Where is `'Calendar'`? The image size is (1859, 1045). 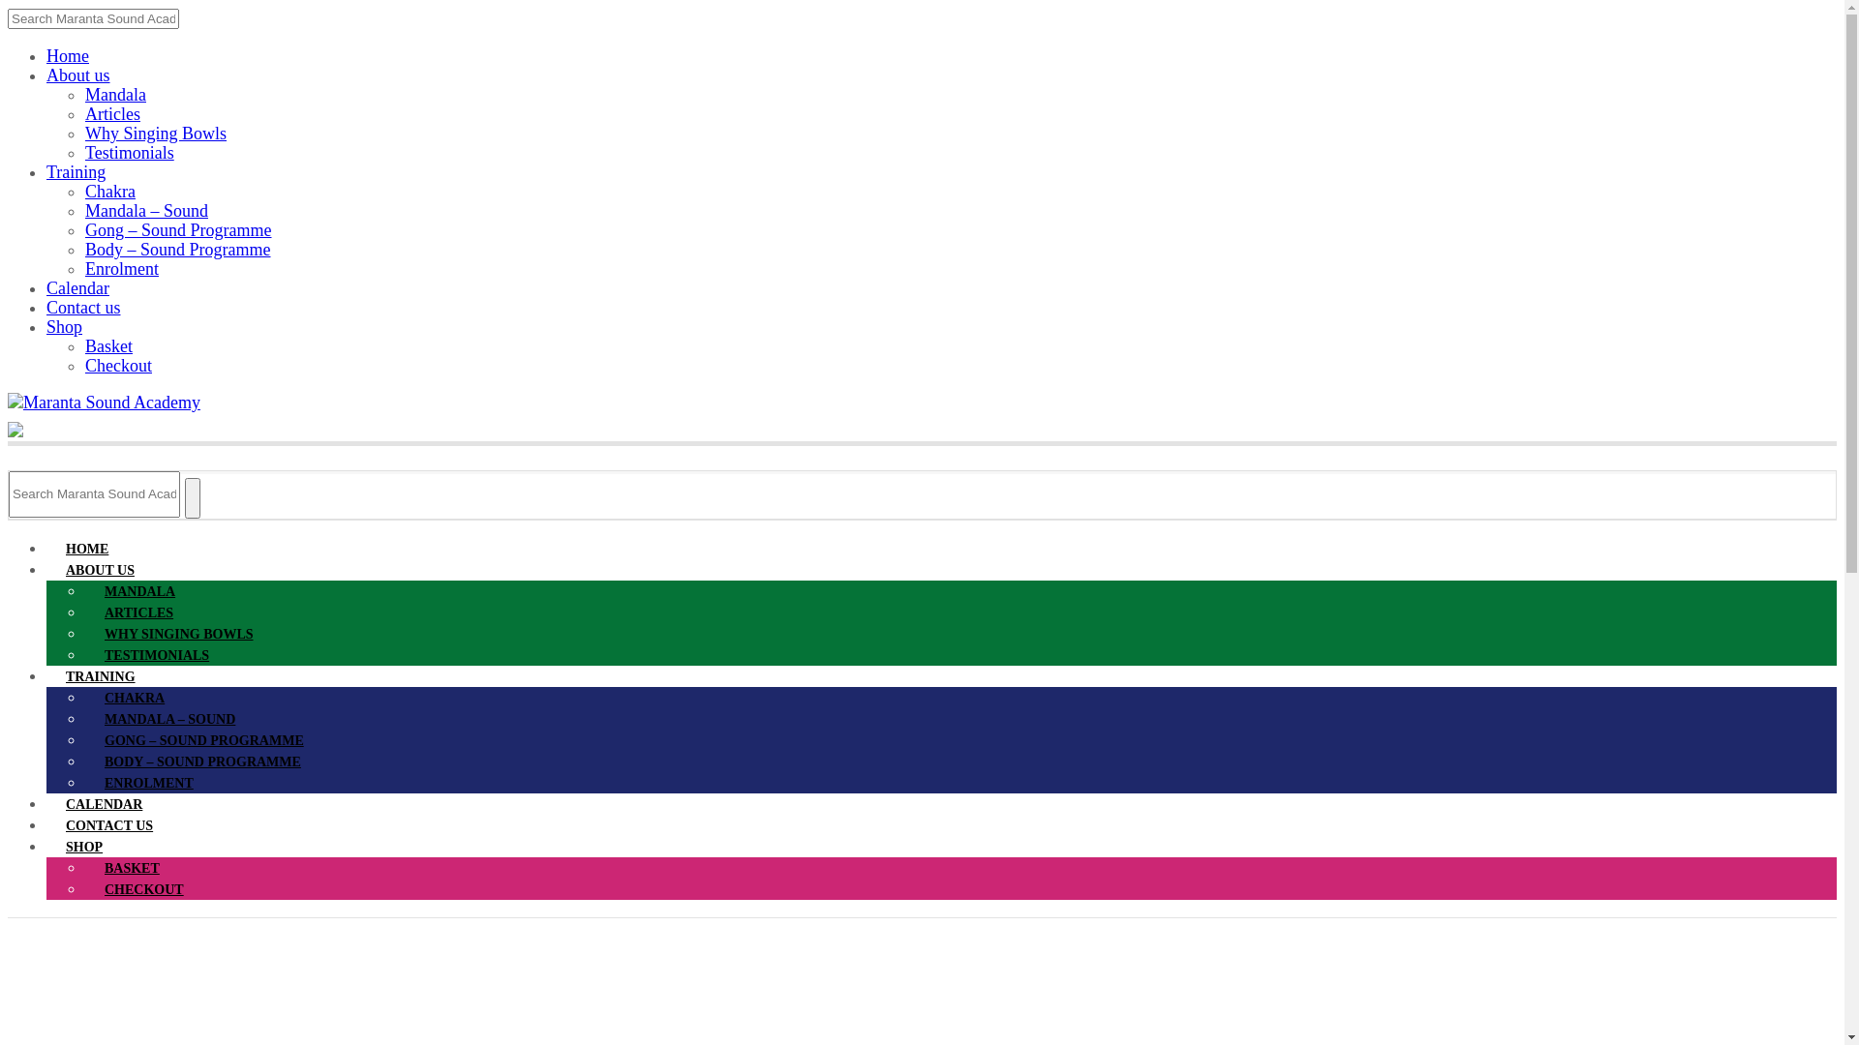 'Calendar' is located at coordinates (77, 287).